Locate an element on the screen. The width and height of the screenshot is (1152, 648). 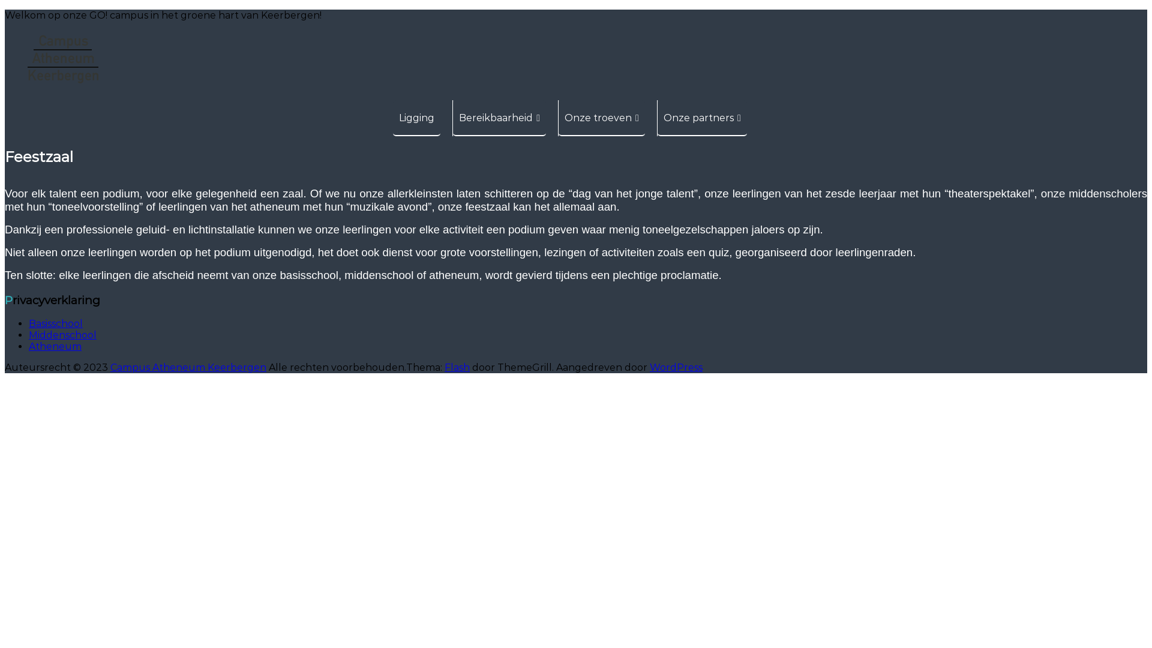
'Atheneum' is located at coordinates (54, 346).